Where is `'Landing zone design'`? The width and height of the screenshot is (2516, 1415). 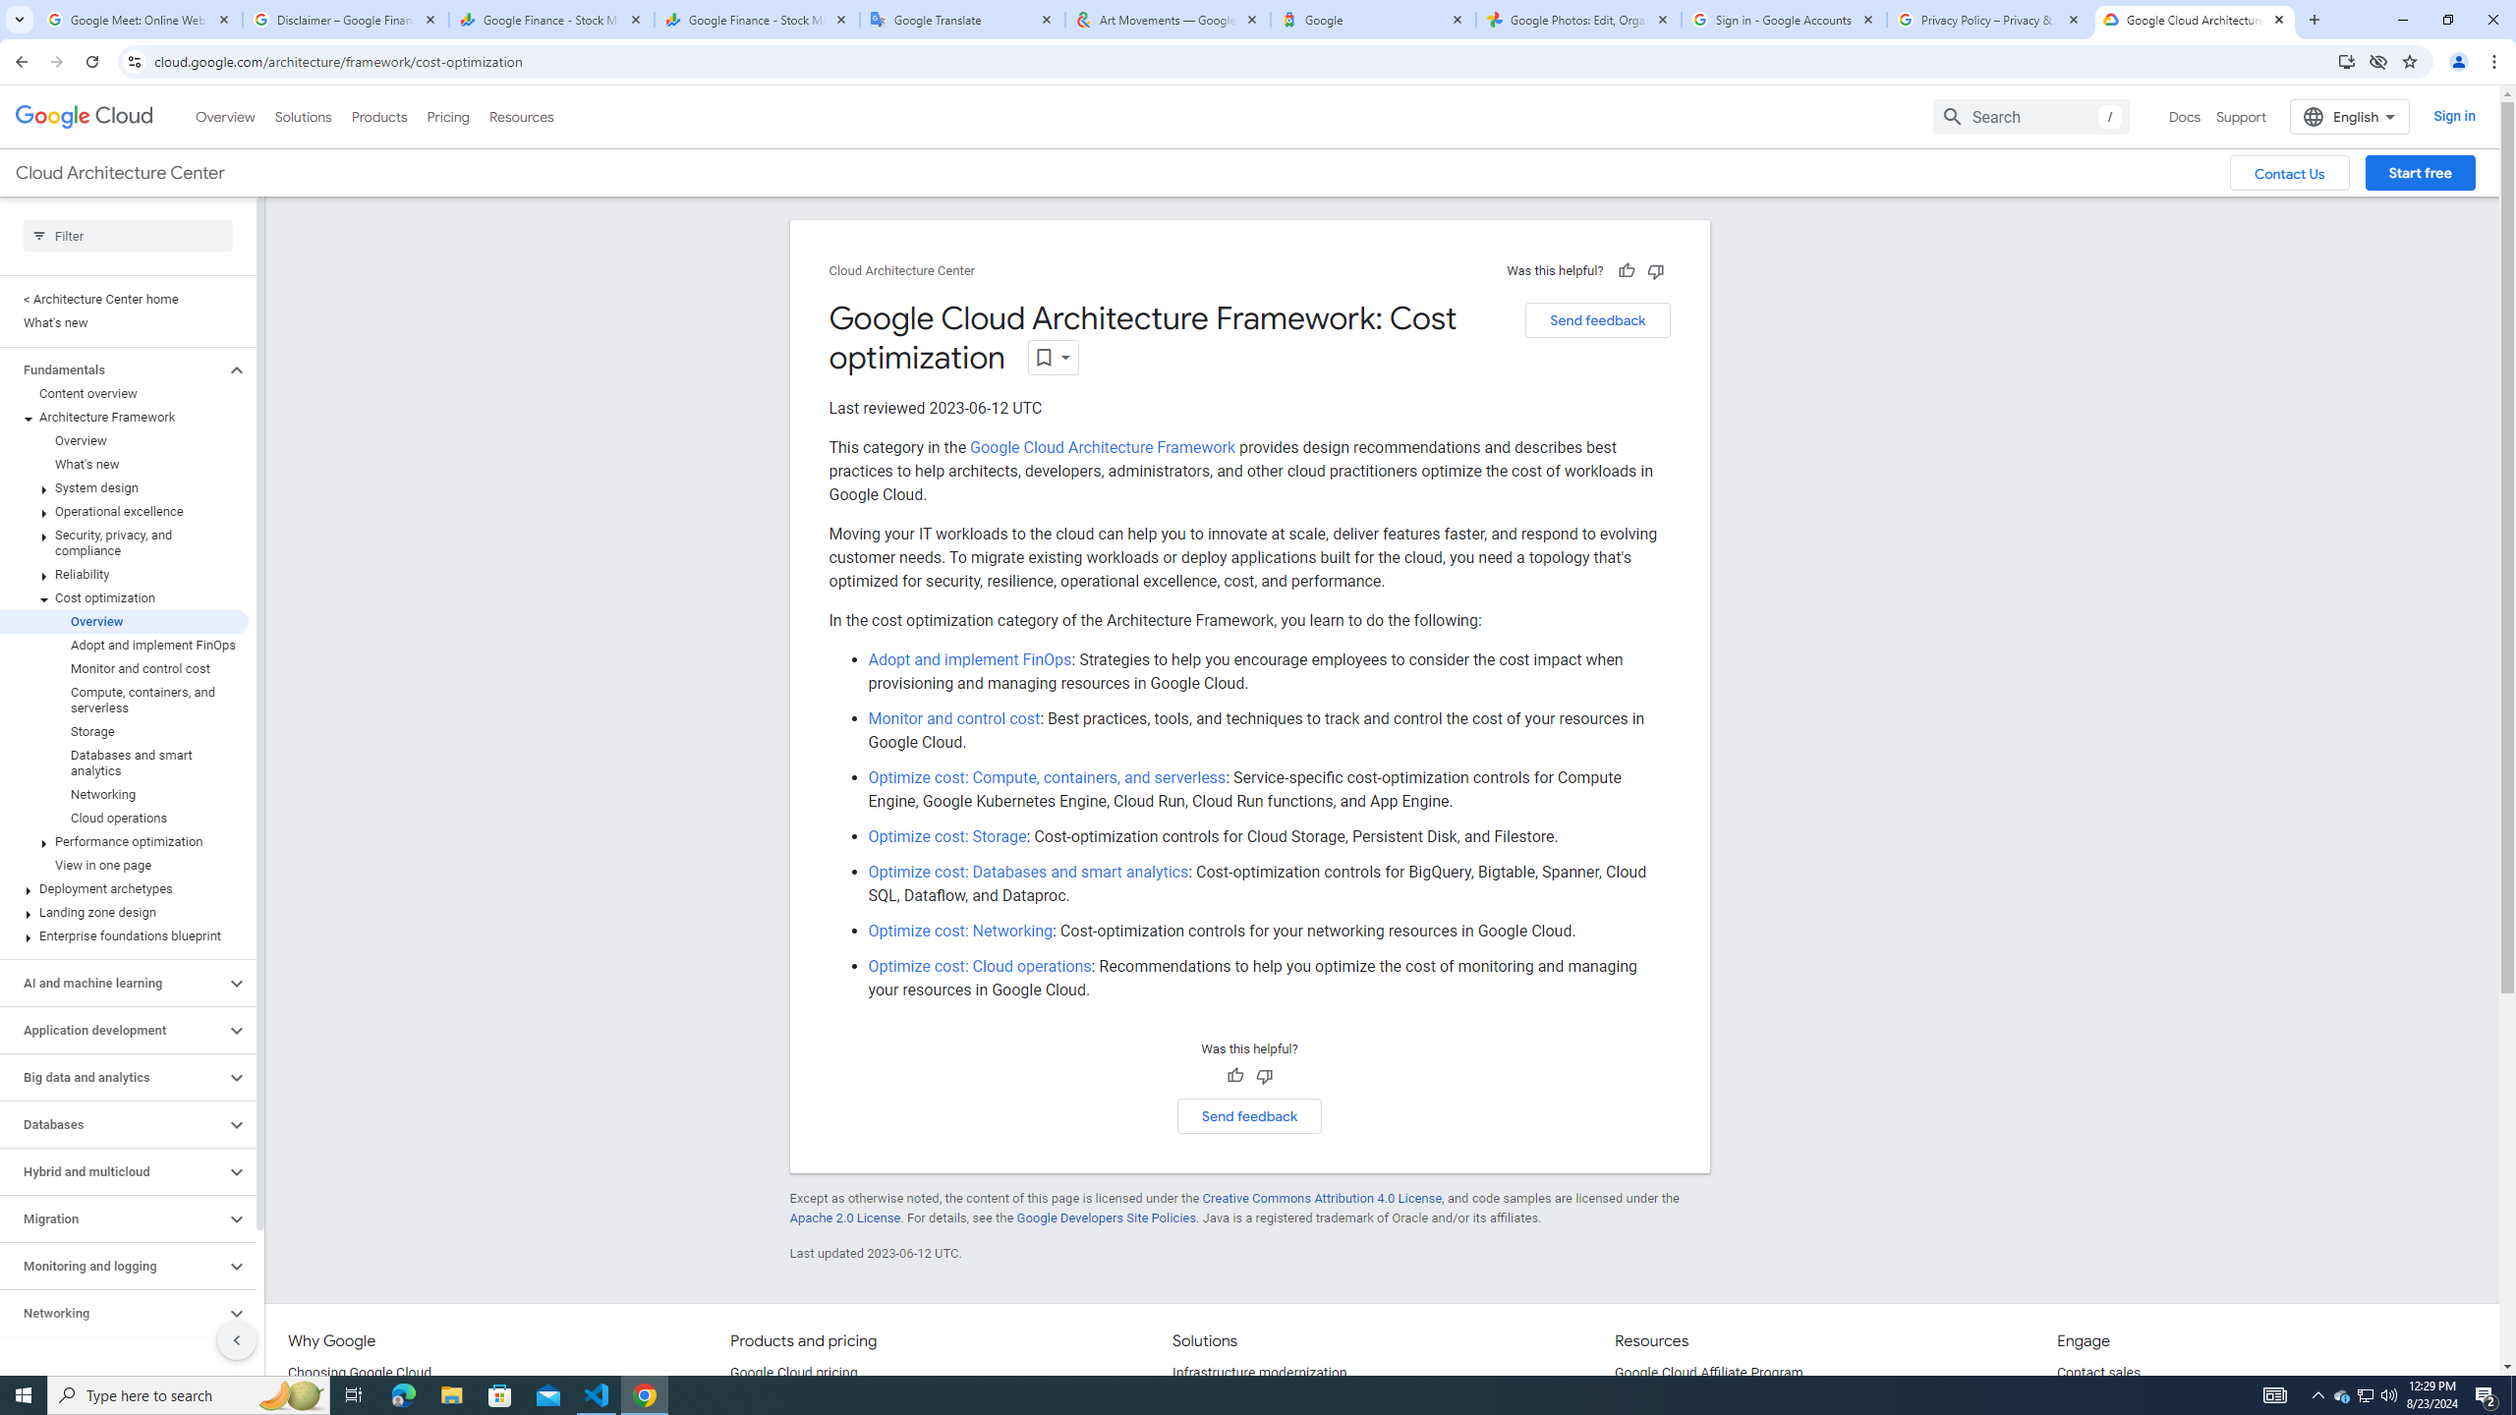
'Landing zone design' is located at coordinates (124, 911).